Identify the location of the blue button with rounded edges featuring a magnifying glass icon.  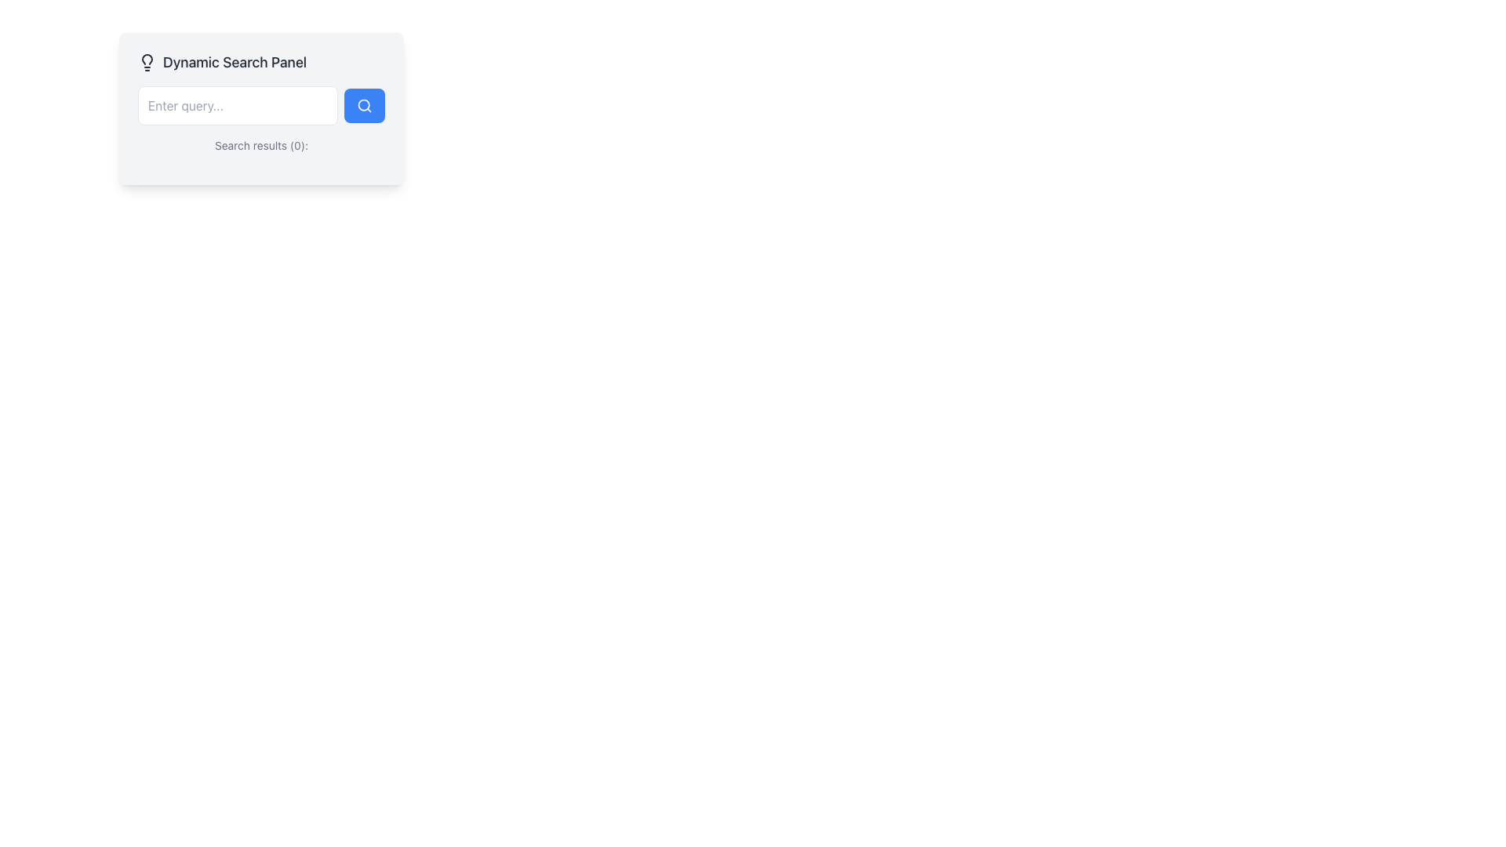
(364, 106).